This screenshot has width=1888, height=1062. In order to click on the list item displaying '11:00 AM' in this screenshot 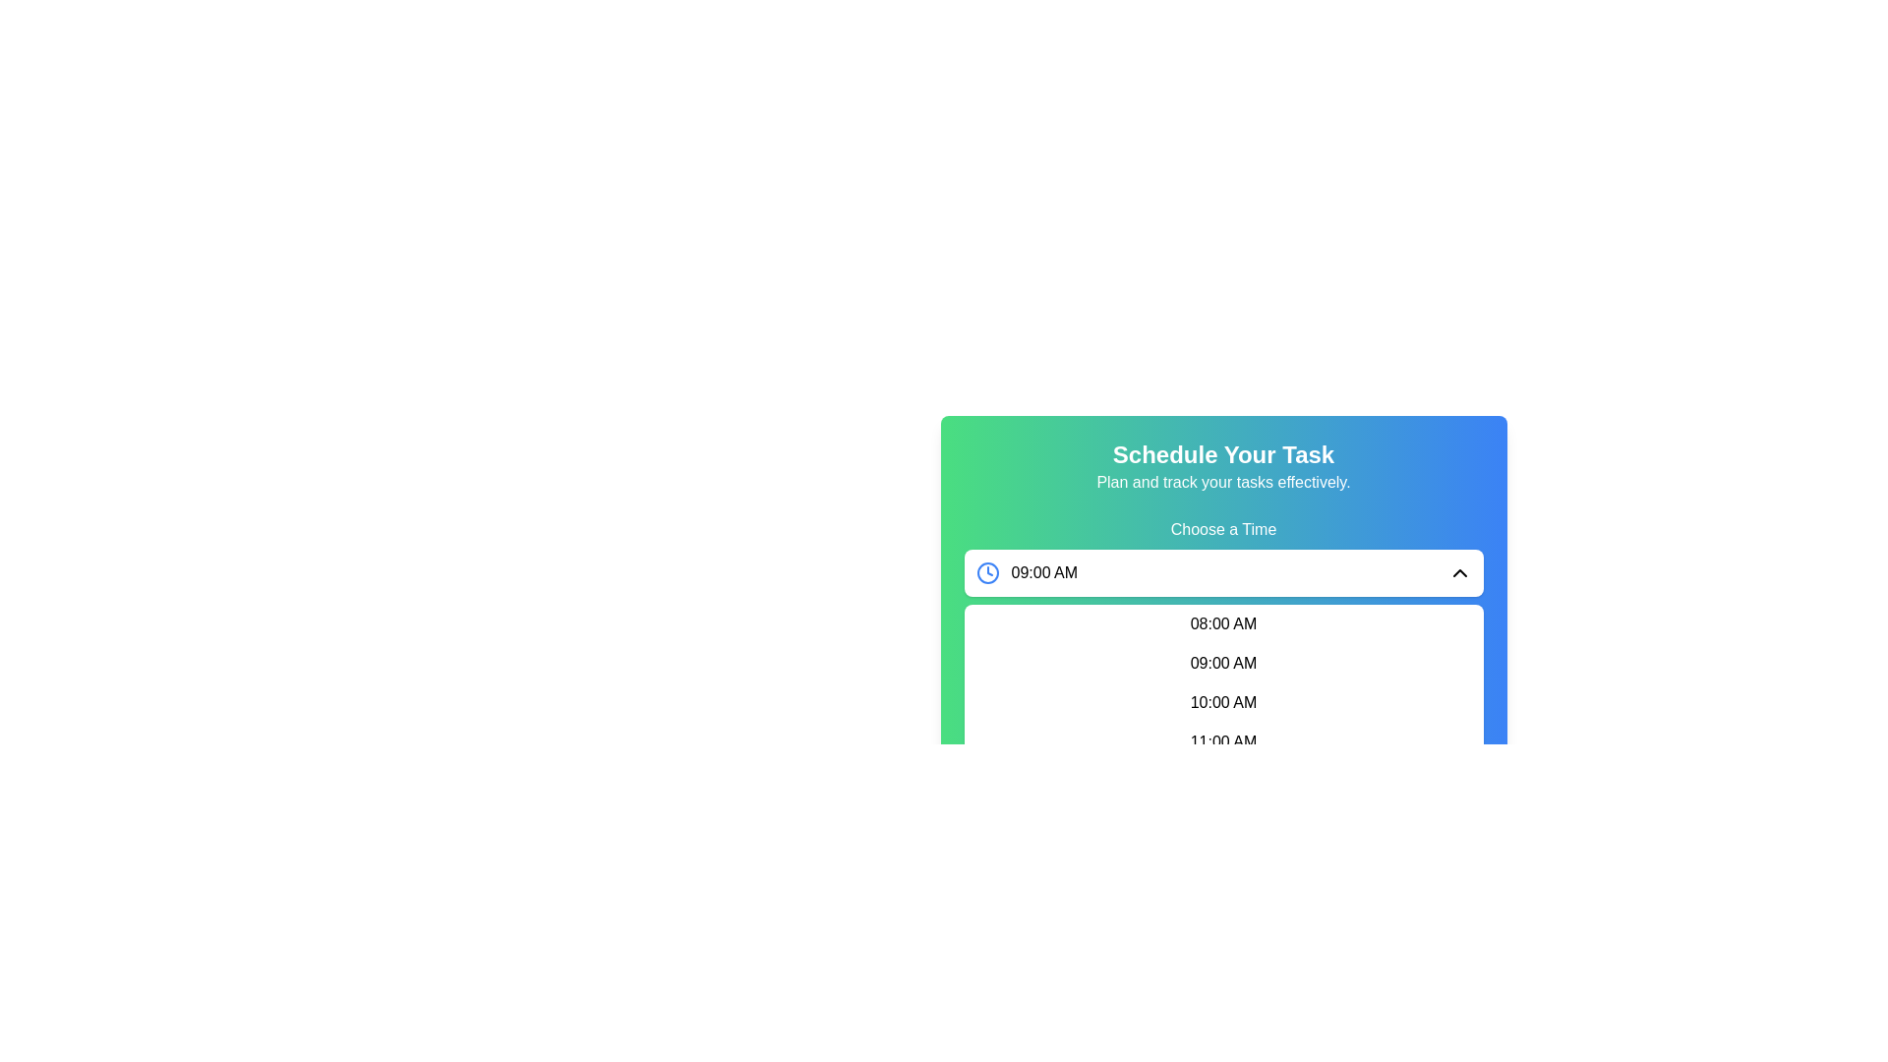, I will do `click(1222, 742)`.